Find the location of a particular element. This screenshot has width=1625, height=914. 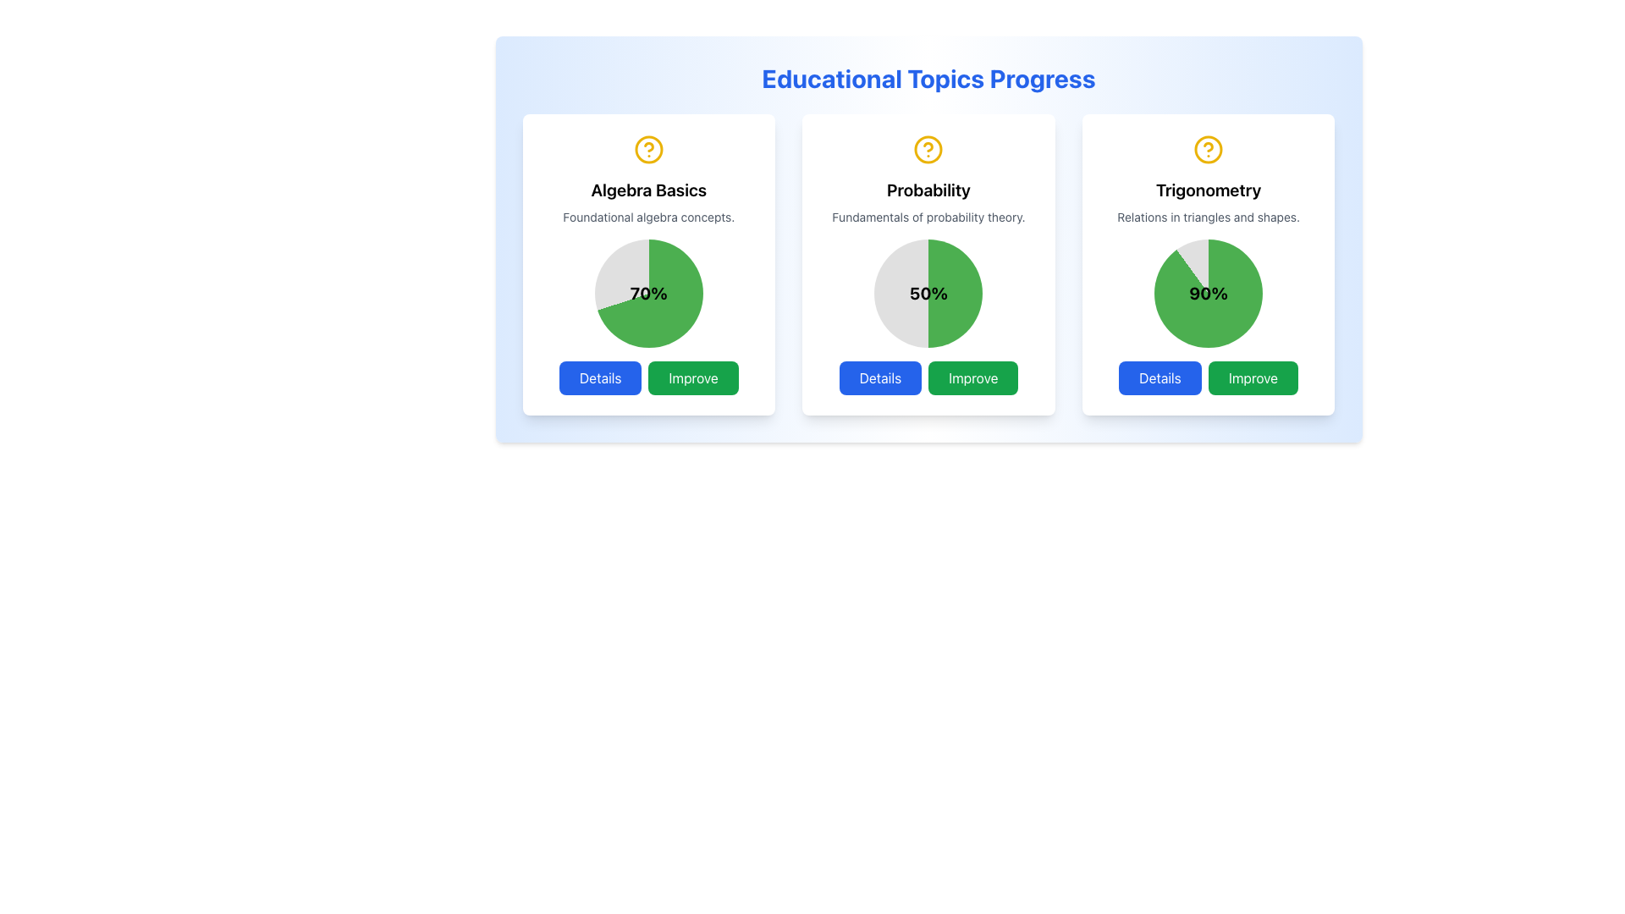

the text label indicating the topic 'Trigonometry', which is the third header in a series of cards, located at the upper section of the third card from the left is located at coordinates (1208, 190).